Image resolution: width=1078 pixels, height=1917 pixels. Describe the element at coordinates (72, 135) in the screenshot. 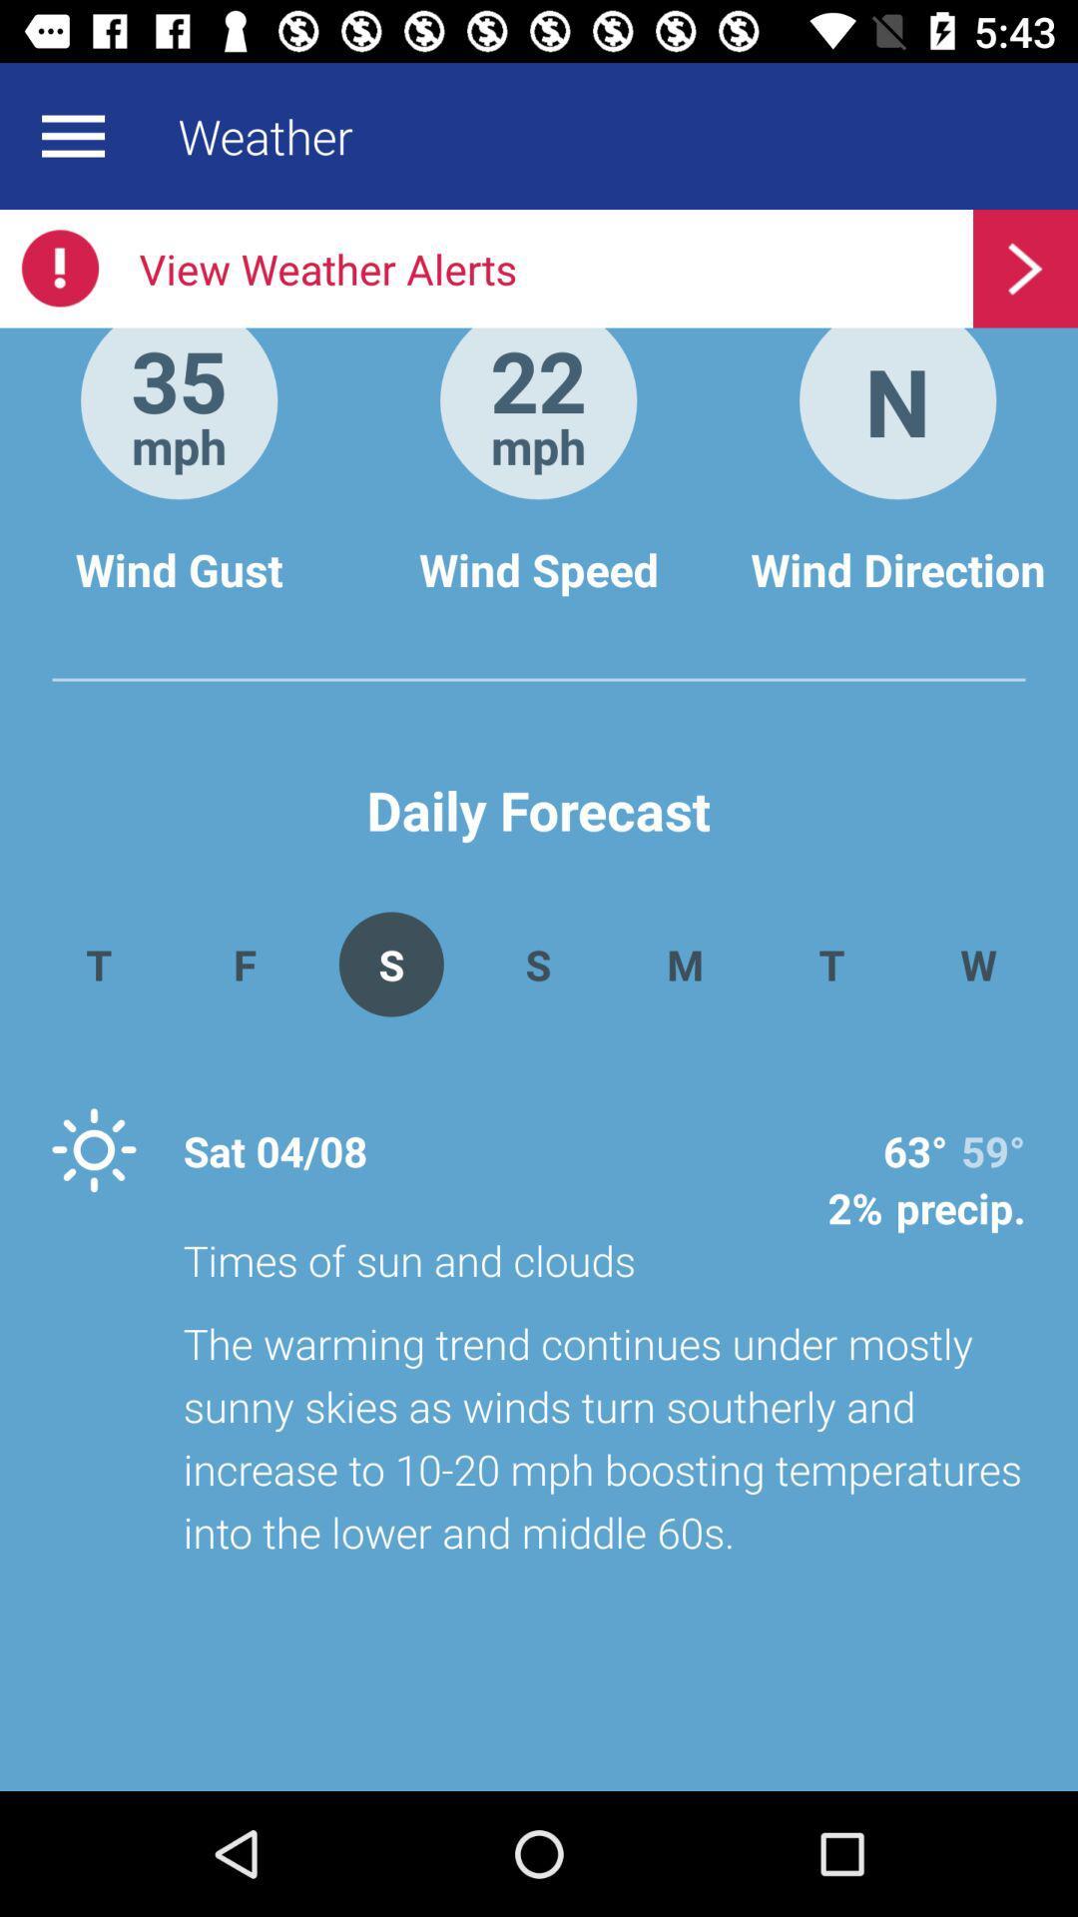

I see `the menu icon` at that location.